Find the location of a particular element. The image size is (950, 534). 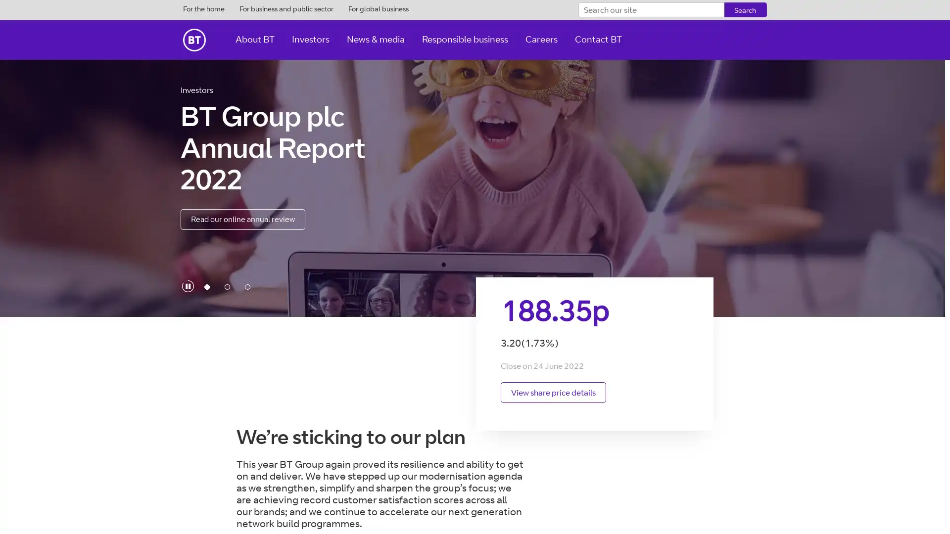

Search is located at coordinates (746, 9).